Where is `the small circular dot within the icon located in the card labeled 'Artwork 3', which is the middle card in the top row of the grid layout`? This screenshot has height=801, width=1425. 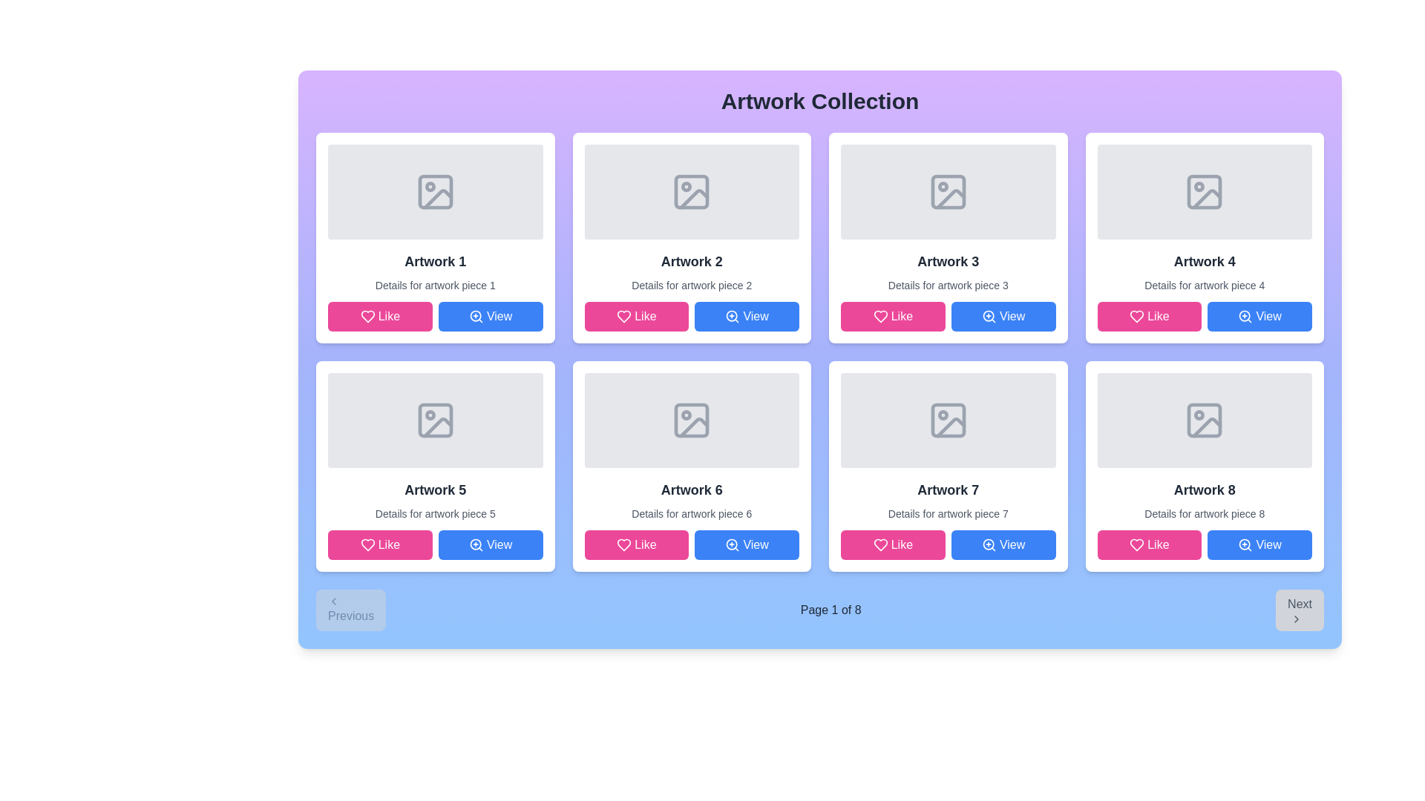 the small circular dot within the icon located in the card labeled 'Artwork 3', which is the middle card in the top row of the grid layout is located at coordinates (942, 185).